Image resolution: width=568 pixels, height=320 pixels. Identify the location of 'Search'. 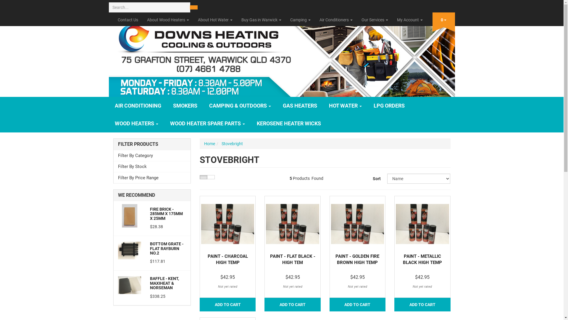
(193, 7).